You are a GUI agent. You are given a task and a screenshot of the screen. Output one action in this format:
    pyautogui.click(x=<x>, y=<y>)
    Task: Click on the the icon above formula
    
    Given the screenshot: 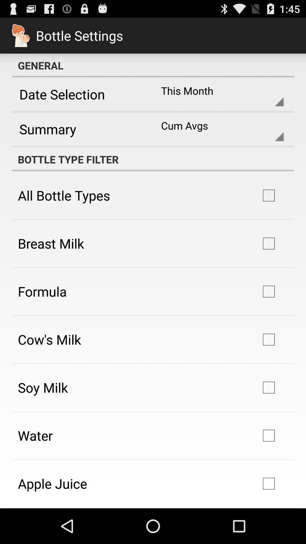 What is the action you would take?
    pyautogui.click(x=51, y=243)
    